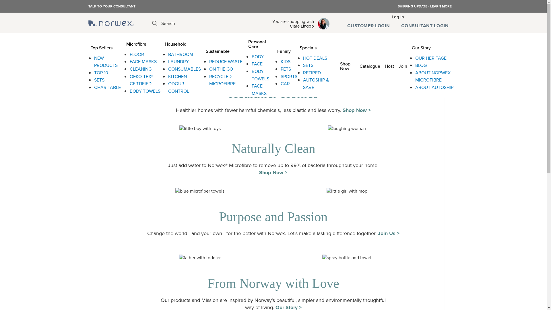 This screenshot has width=551, height=310. I want to click on 'BODY', so click(252, 57).